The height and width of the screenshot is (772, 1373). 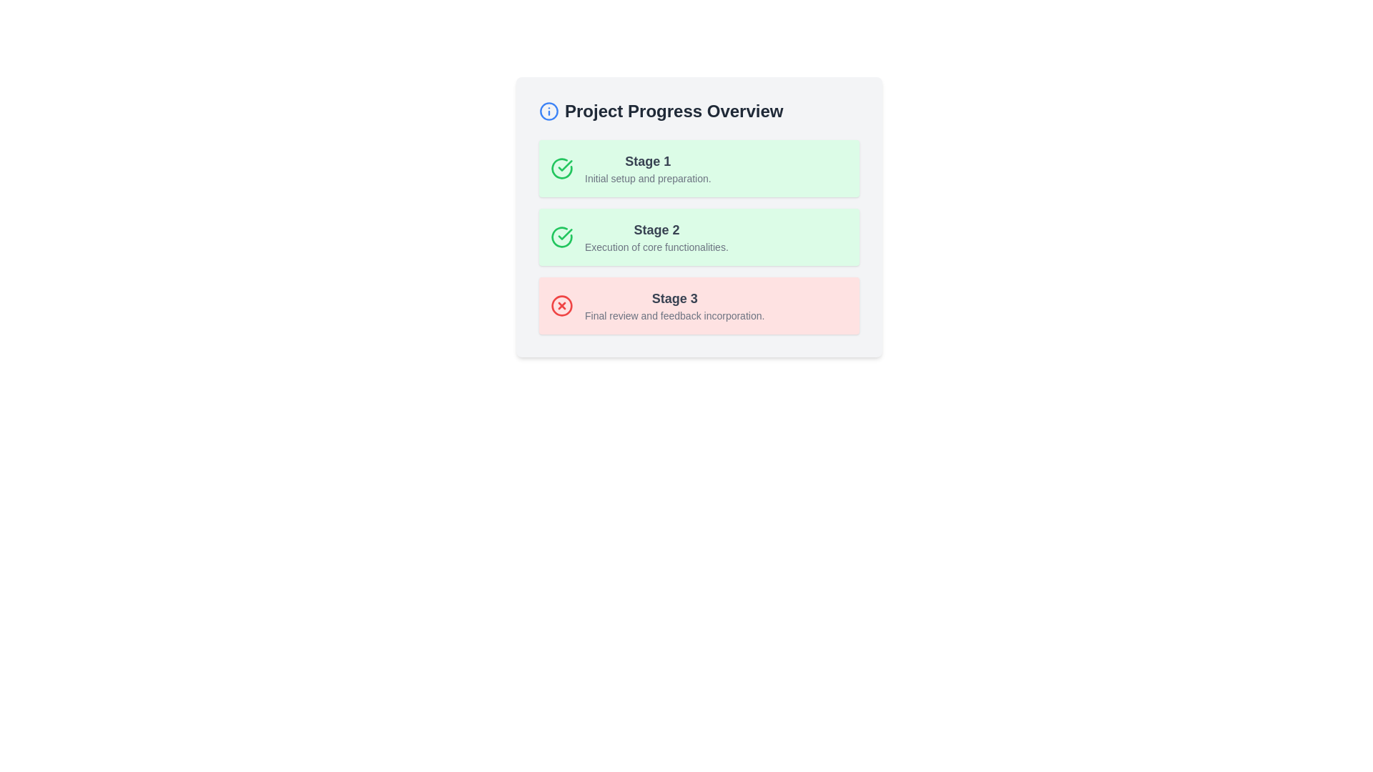 I want to click on the text label that describes the second stage of a process, which is positioned in the middle of a vertical list of three stages within a card-like layout, so click(x=656, y=236).